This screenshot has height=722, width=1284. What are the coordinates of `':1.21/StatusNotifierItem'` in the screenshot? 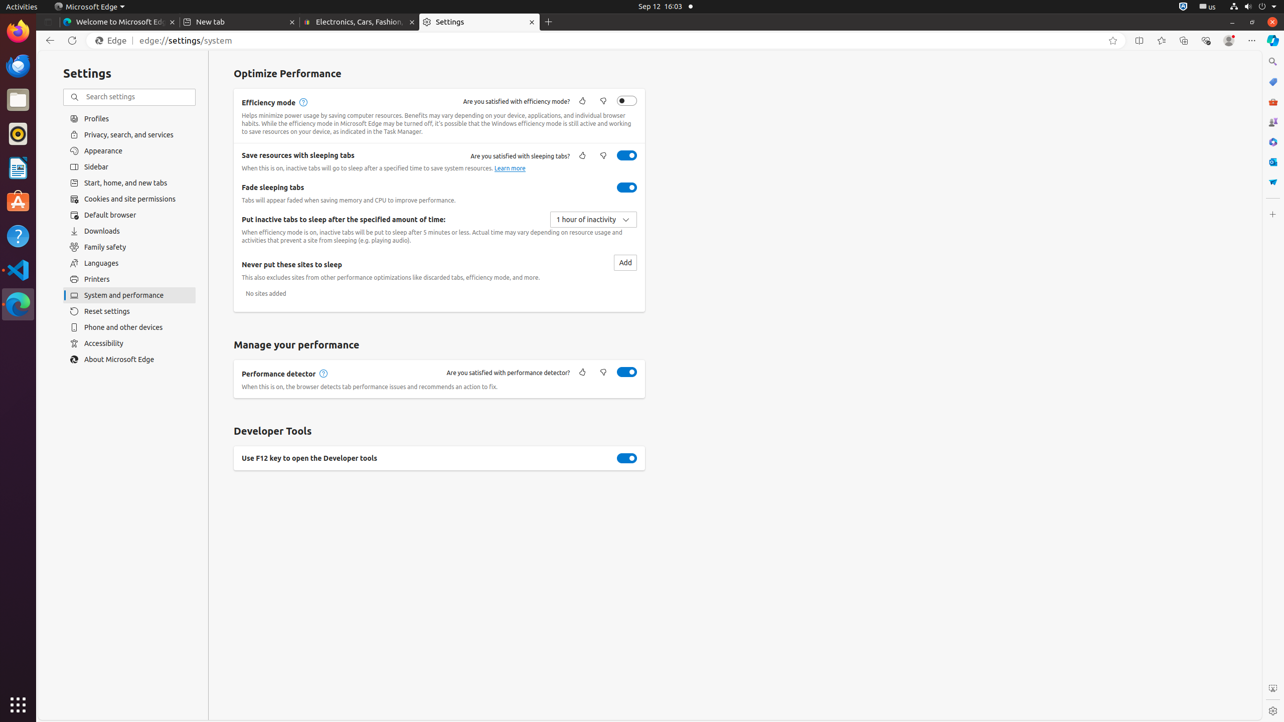 It's located at (1207, 6).